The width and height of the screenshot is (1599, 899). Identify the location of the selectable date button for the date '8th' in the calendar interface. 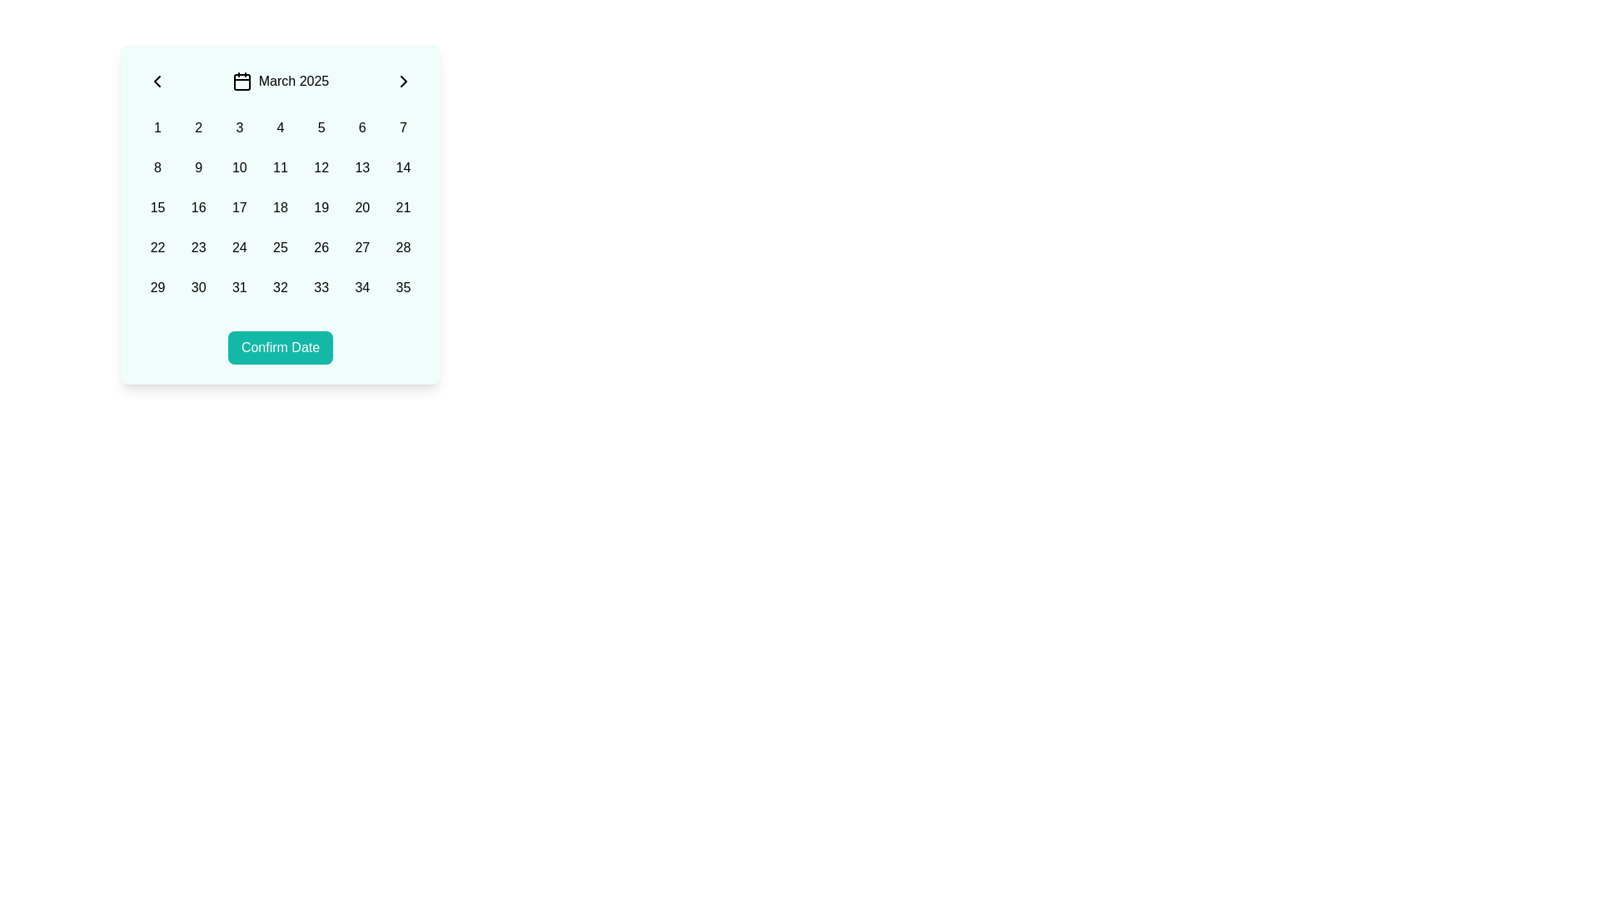
(157, 167).